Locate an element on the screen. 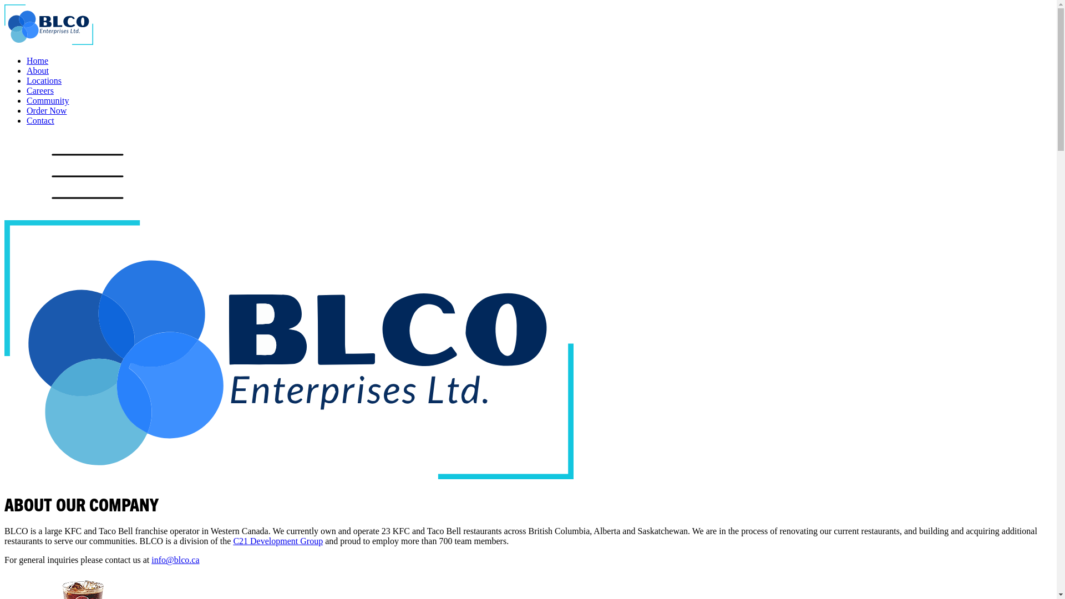 This screenshot has width=1065, height=599. 'Community' is located at coordinates (47, 100).